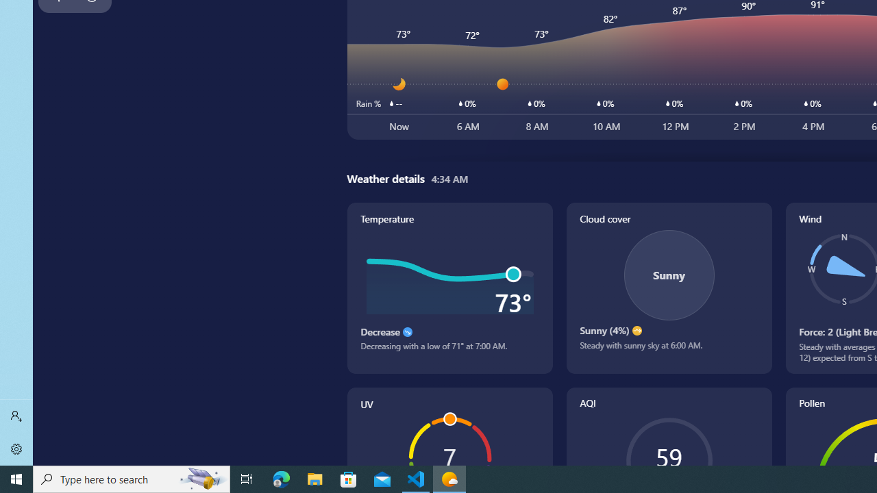 The width and height of the screenshot is (877, 493). What do you see at coordinates (16, 448) in the screenshot?
I see `'Settings'` at bounding box center [16, 448].